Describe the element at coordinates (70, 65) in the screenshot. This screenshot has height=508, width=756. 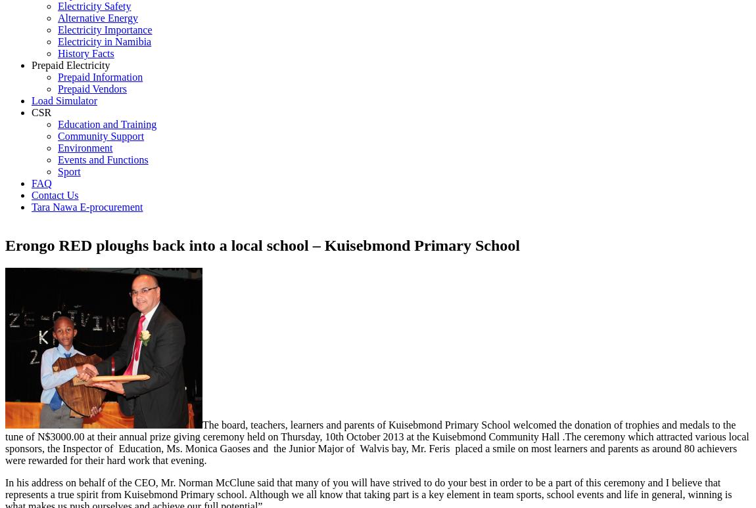
I see `'Prepaid Electricity'` at that location.